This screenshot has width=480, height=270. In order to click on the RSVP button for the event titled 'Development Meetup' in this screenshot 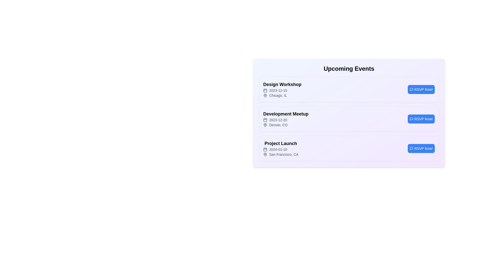, I will do `click(421, 119)`.